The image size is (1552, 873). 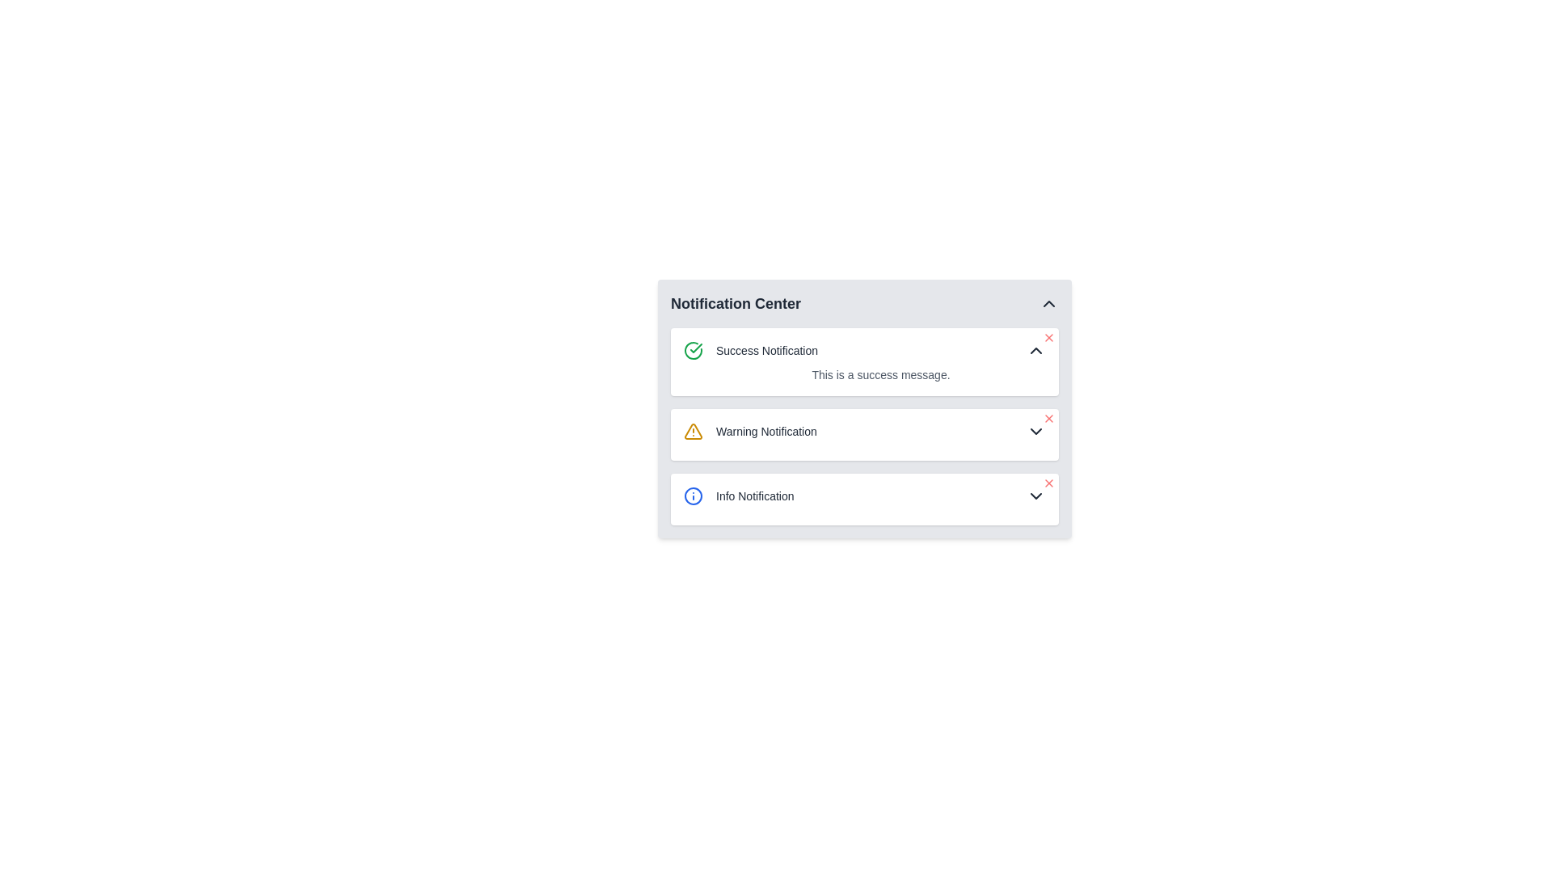 I want to click on the small red 'X' button located in the top-right corner of the 'Success Notification' box, so click(x=1048, y=336).